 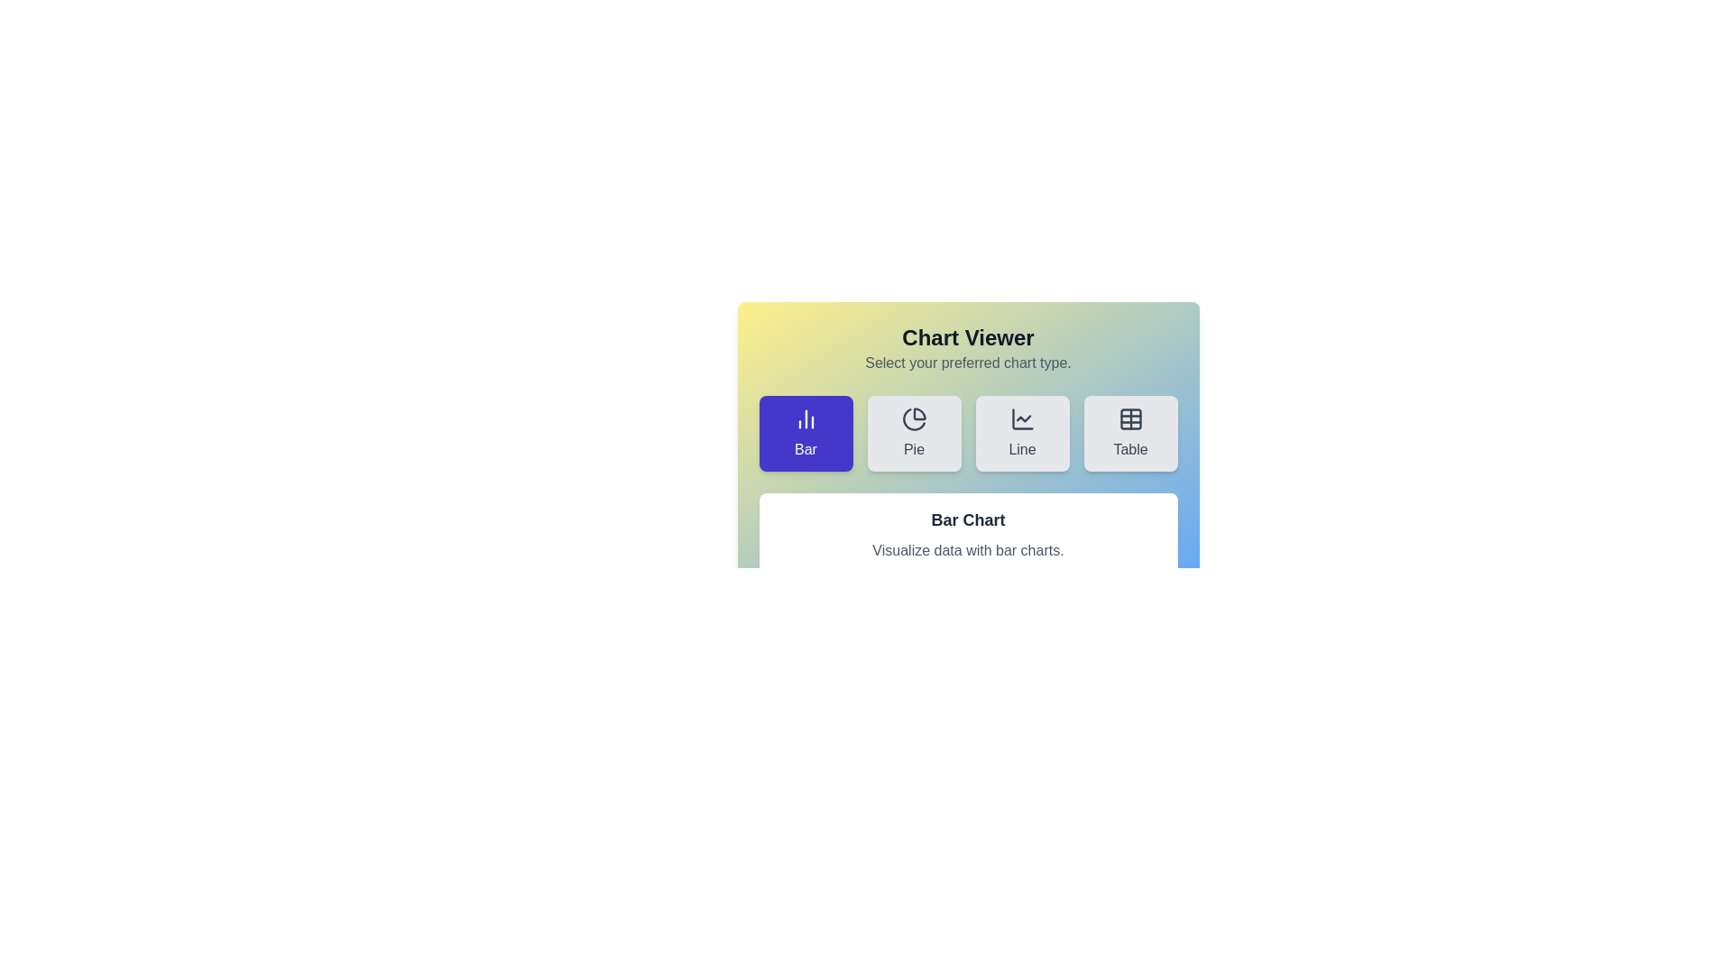 What do you see at coordinates (1129, 419) in the screenshot?
I see `the 'Table' view icon, which is the fourth button in the row of chart type selections, to switch the display to a tabular data representation` at bounding box center [1129, 419].